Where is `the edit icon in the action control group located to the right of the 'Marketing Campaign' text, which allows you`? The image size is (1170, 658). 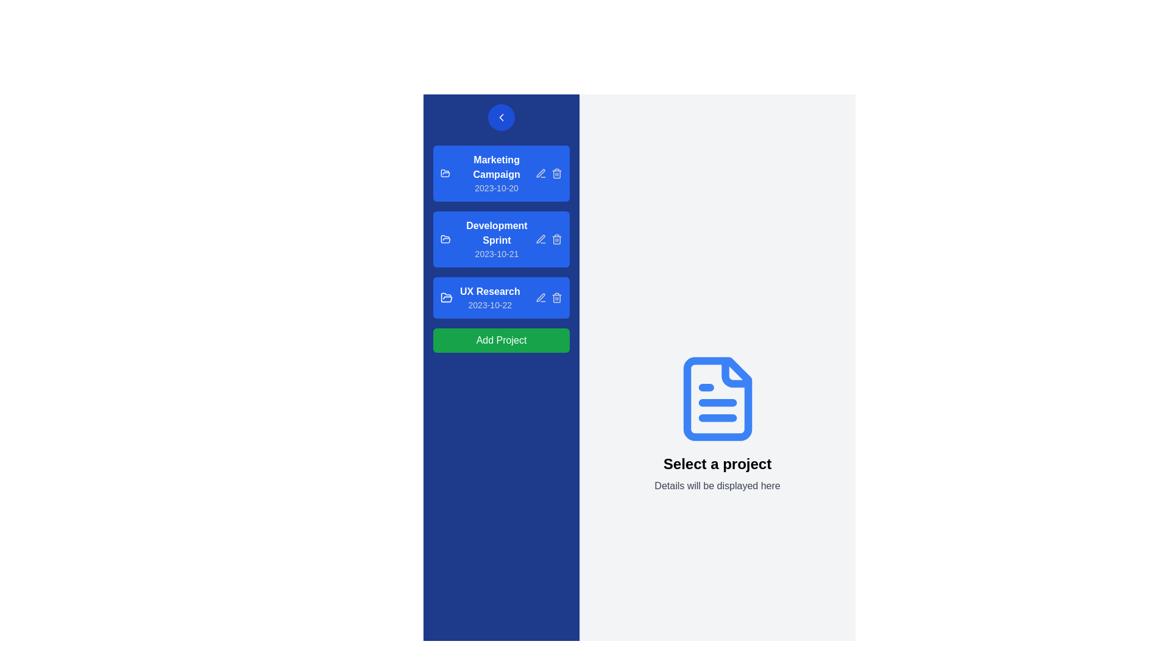
the edit icon in the action control group located to the right of the 'Marketing Campaign' text, which allows you is located at coordinates (548, 174).